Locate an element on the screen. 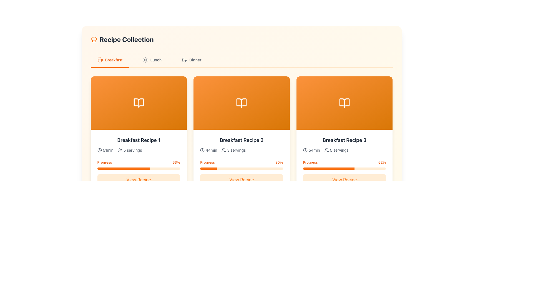  the 'Breakfast' navigation tab located at the top-left corner of the page is located at coordinates (110, 60).